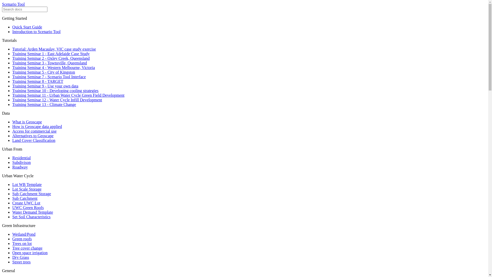 This screenshot has width=492, height=277. What do you see at coordinates (12, 248) in the screenshot?
I see `'Tree cover change'` at bounding box center [12, 248].